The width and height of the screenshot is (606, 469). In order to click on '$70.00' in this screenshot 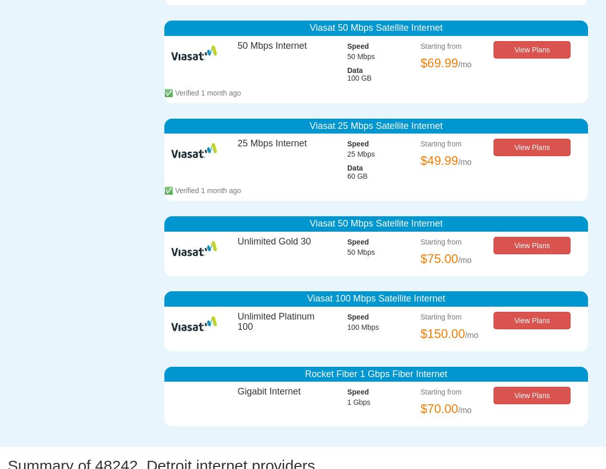, I will do `click(439, 408)`.